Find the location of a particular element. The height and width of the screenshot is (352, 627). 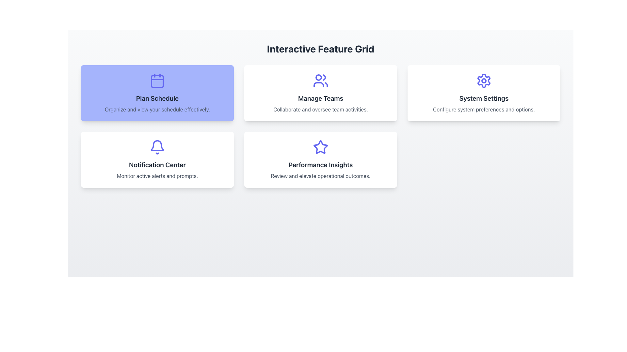

text label displaying 'Manage Teams' which is styled in bold, dark gray color and is positioned at the center of its card layout is located at coordinates (321, 98).